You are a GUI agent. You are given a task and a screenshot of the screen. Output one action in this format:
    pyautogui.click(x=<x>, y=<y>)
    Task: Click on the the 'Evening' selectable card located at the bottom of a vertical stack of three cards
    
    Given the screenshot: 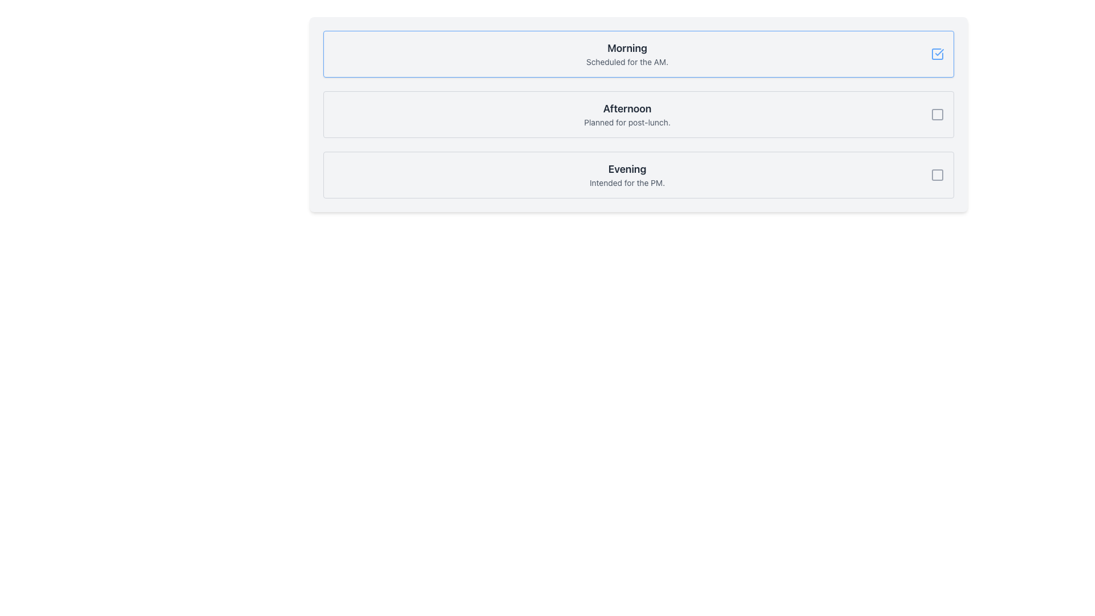 What is the action you would take?
    pyautogui.click(x=638, y=175)
    